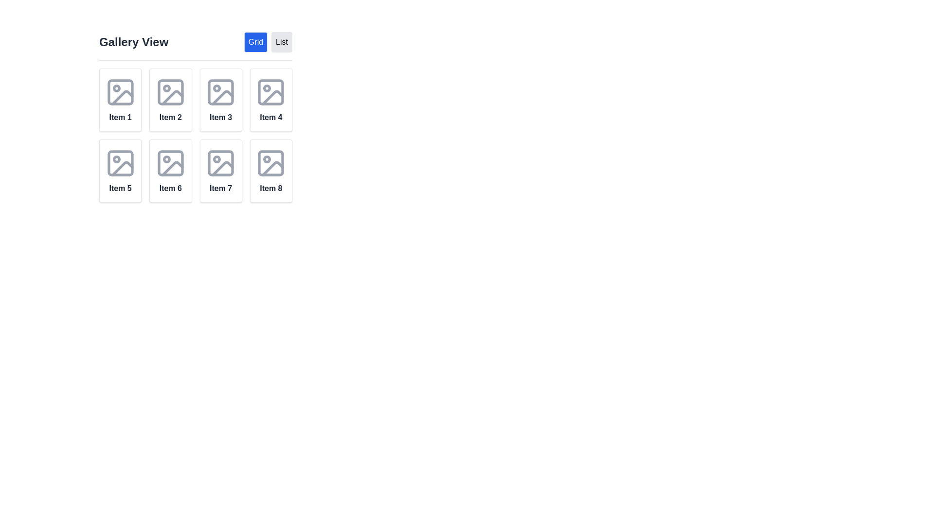 The image size is (934, 525). I want to click on the rectangular button with rounded corners, styled with a solid blue background and white text displaying 'Grid', so click(255, 42).